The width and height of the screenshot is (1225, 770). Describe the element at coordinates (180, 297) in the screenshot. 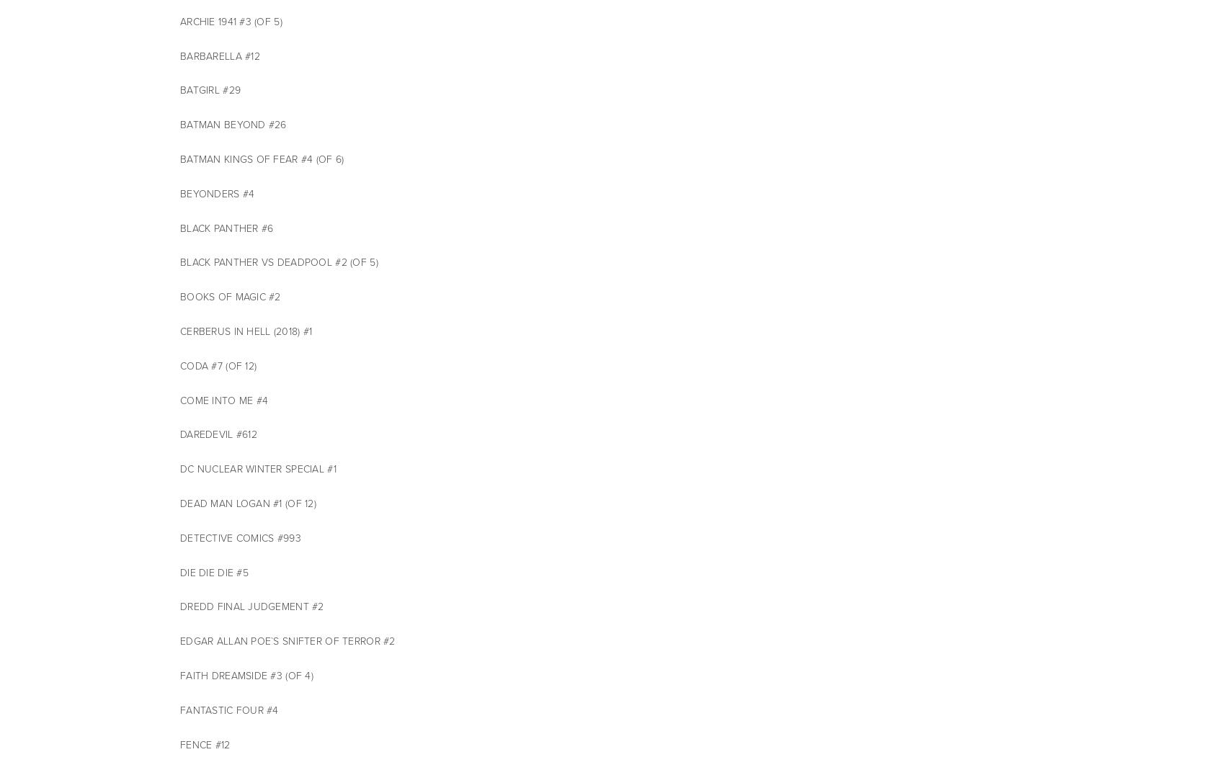

I see `'BOOKS OF MAGIC #2'` at that location.